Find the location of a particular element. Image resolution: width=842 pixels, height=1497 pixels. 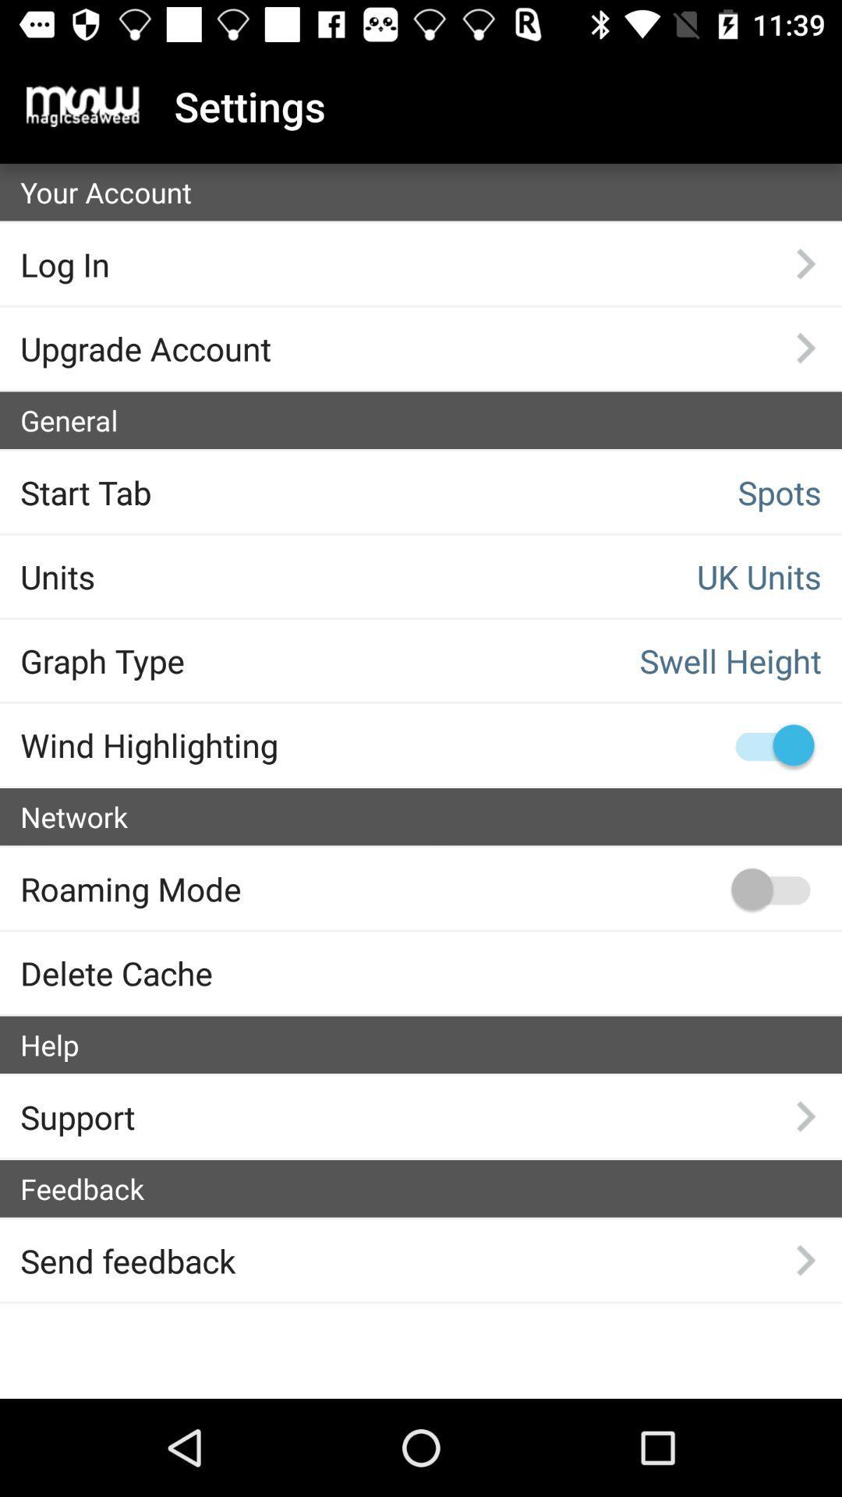

the button which is above the send feedback is located at coordinates (430, 1188).